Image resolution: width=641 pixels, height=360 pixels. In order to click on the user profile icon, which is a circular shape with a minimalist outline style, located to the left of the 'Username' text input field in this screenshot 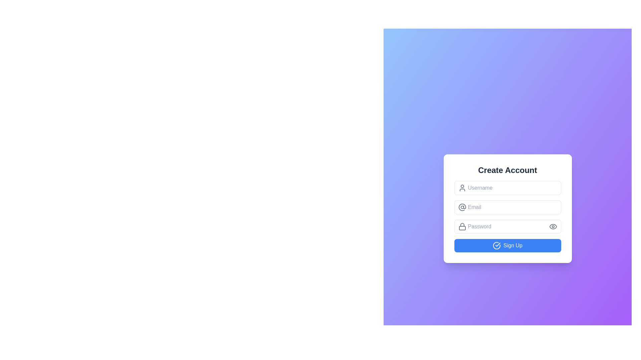, I will do `click(462, 188)`.